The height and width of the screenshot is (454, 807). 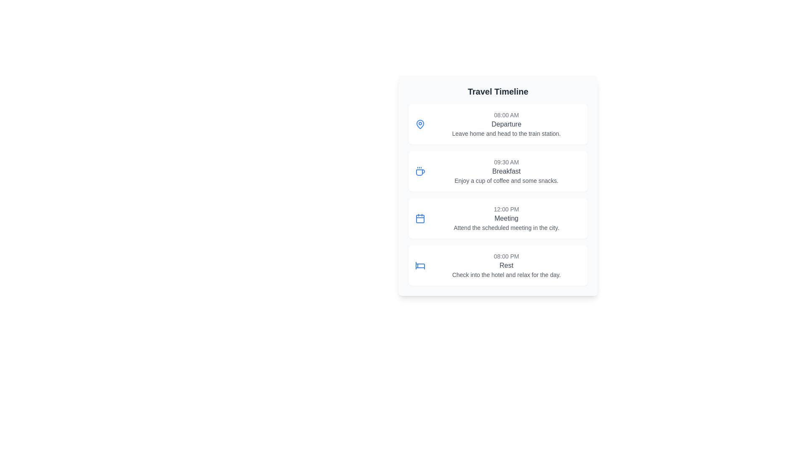 What do you see at coordinates (498, 92) in the screenshot?
I see `the text label at the top of the card that indicates the timeline of travel-related events` at bounding box center [498, 92].